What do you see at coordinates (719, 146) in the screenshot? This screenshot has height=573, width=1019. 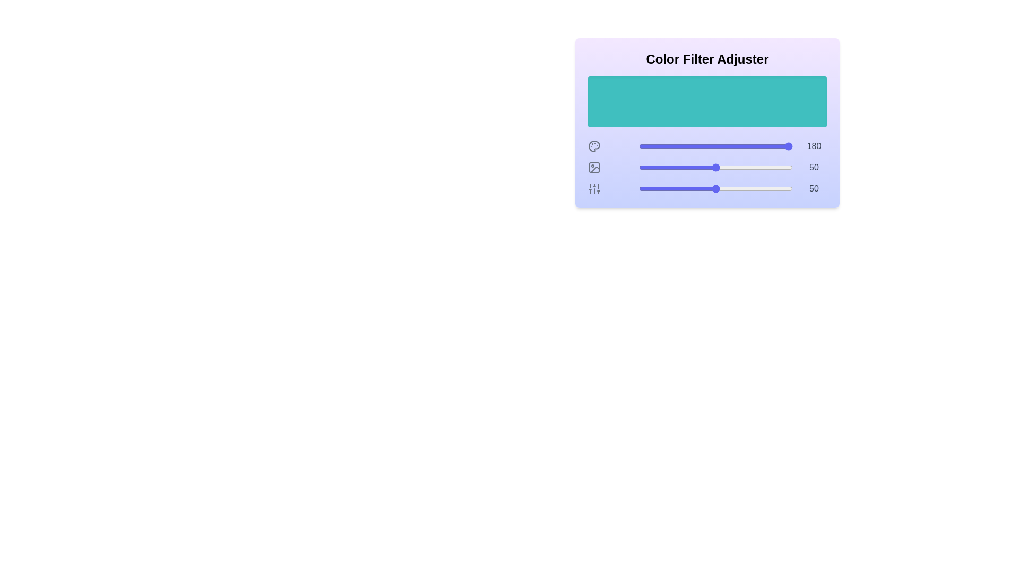 I see `the Hue slider to a value of 52` at bounding box center [719, 146].